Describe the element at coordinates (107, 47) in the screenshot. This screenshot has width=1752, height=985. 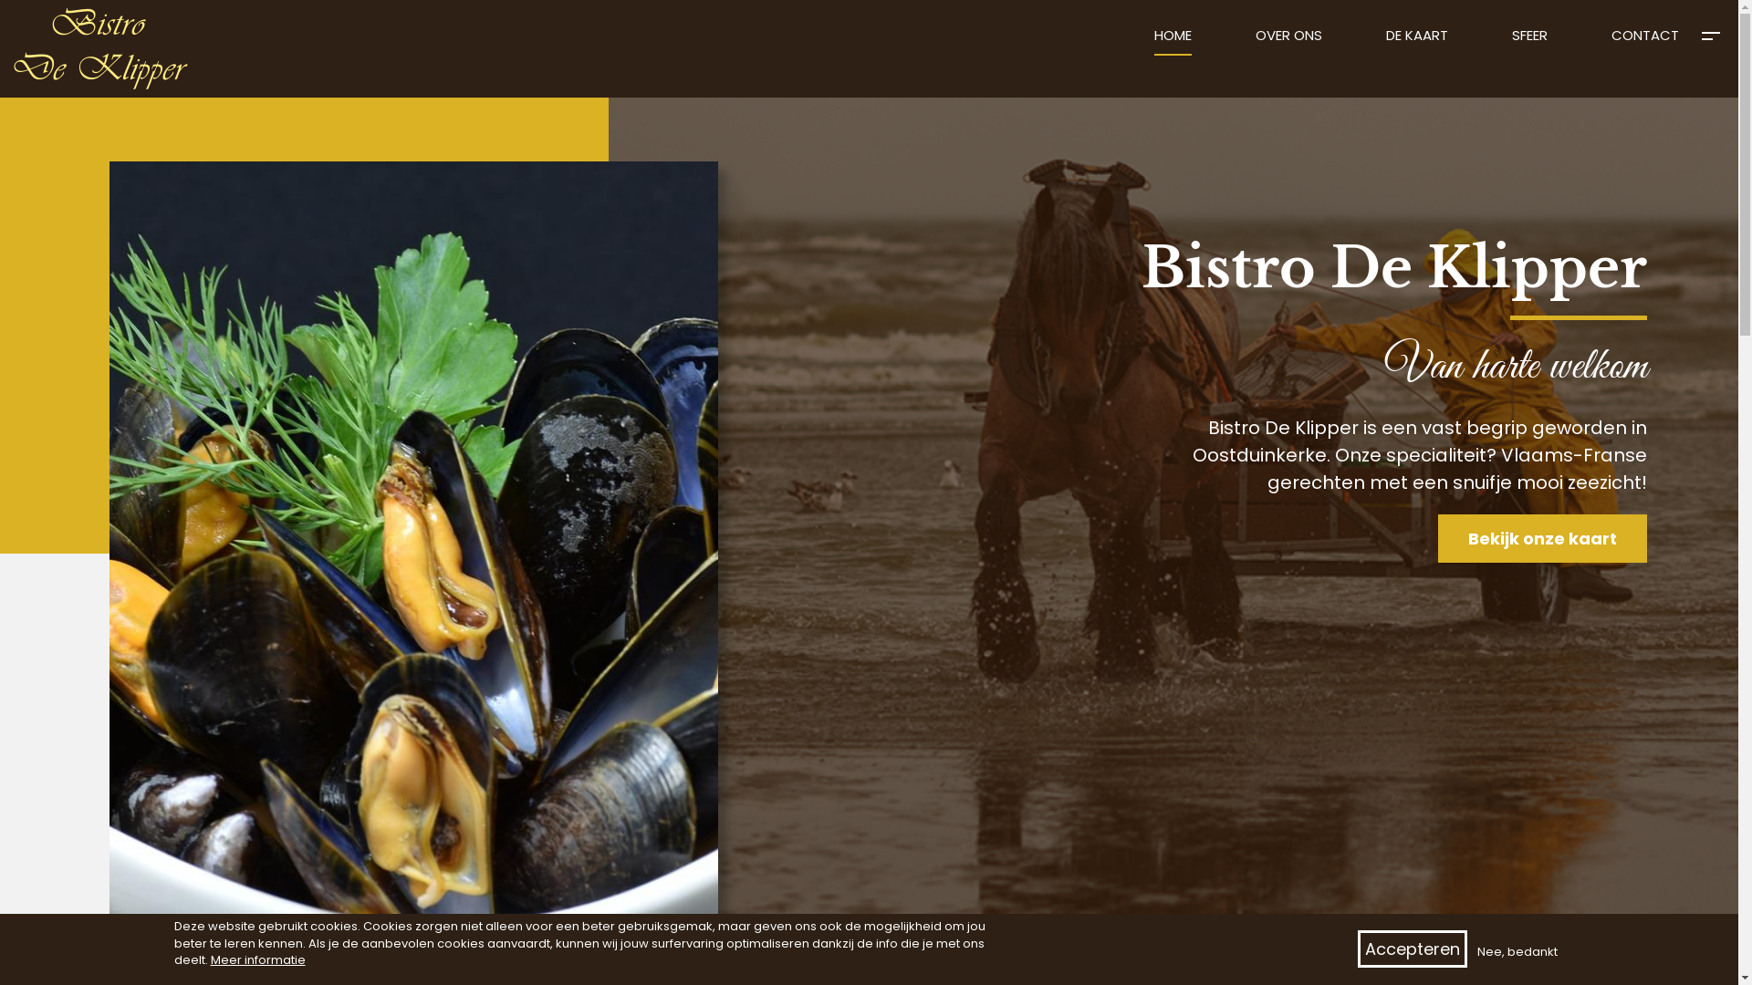
I see `'Home'` at that location.